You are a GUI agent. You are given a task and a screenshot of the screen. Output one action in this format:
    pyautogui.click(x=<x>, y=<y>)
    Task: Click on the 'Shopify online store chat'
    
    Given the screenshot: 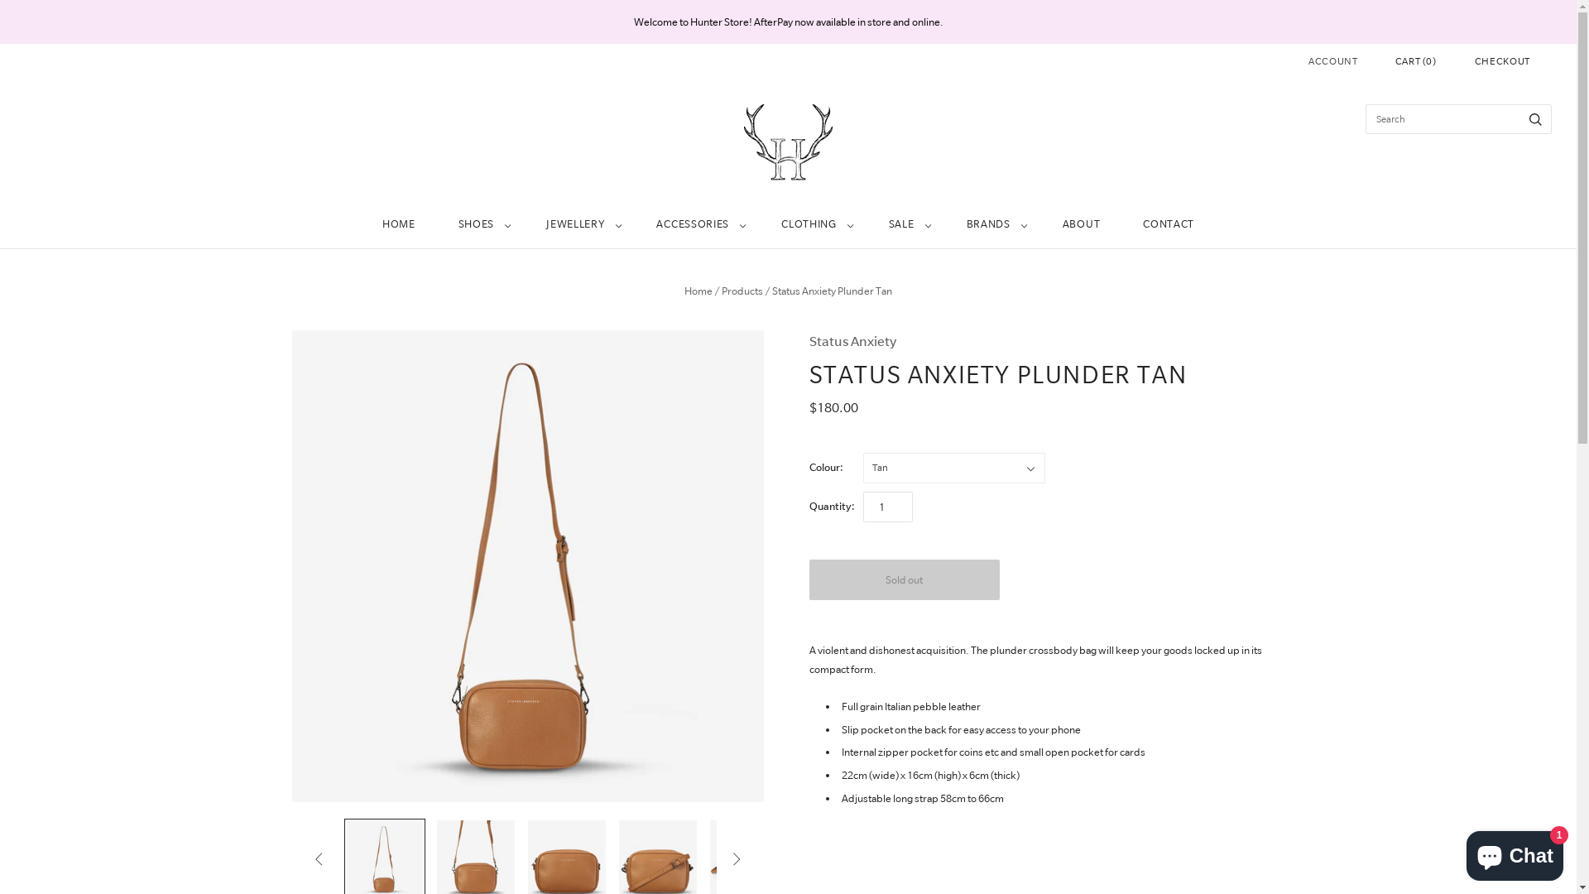 What is the action you would take?
    pyautogui.click(x=1515, y=852)
    